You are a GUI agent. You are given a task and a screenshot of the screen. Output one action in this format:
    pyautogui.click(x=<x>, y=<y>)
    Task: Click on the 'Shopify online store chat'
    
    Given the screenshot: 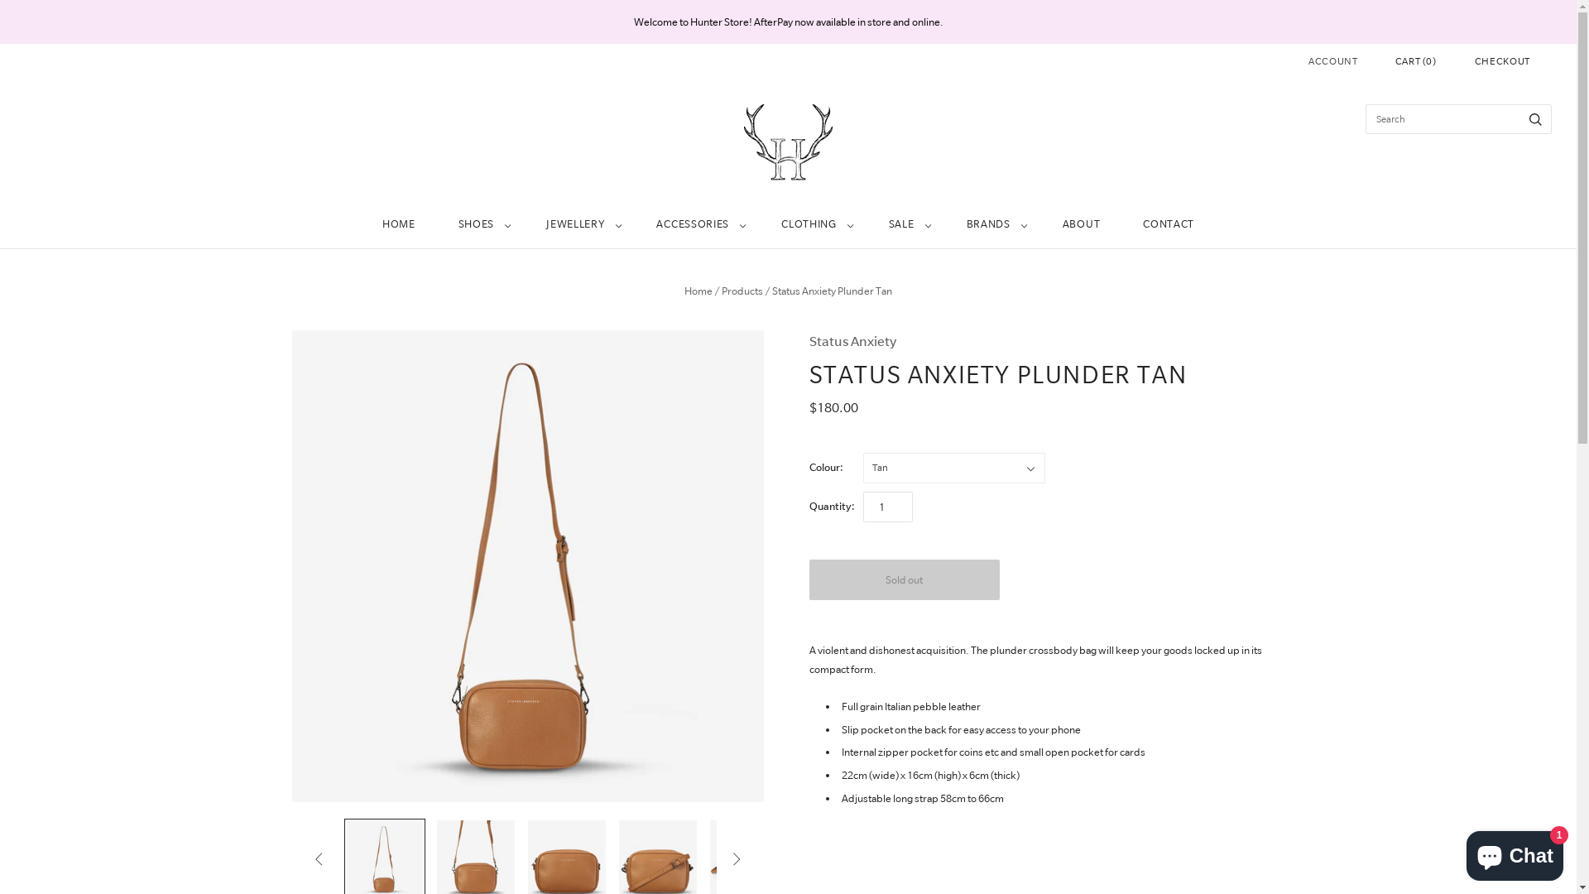 What is the action you would take?
    pyautogui.click(x=1515, y=852)
    